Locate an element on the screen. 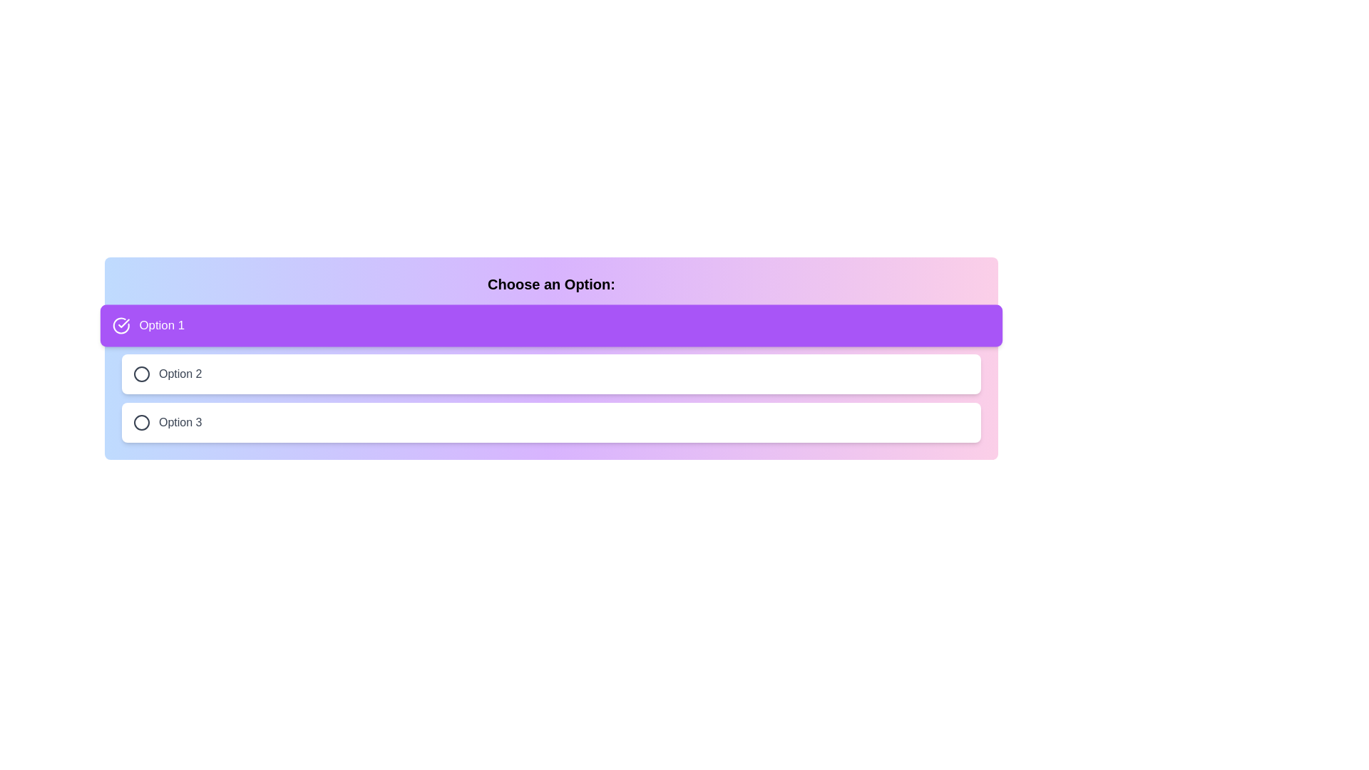  the circular indicator element for 'Option 2' is located at coordinates (141, 373).